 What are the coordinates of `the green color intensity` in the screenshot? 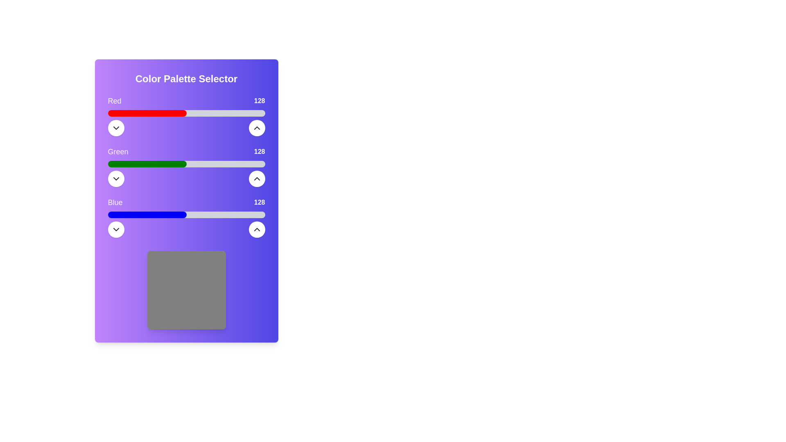 It's located at (147, 164).